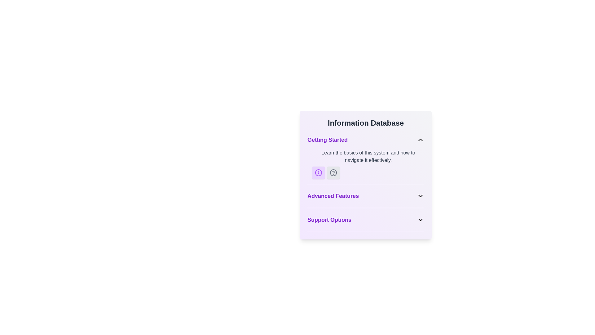 The width and height of the screenshot is (595, 335). What do you see at coordinates (368, 156) in the screenshot?
I see `the text that reads 'Learn the basics of this system and how to navigate it effectively' within the 'Getting Started' section of the 'Information Database' panel` at bounding box center [368, 156].